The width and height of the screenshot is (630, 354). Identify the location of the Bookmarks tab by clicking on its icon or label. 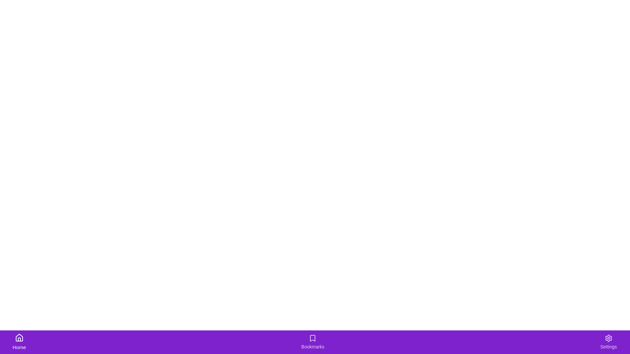
(312, 342).